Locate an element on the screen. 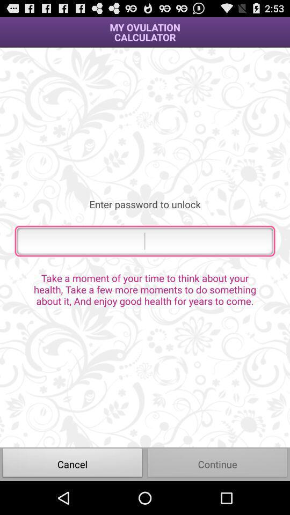 The width and height of the screenshot is (290, 515). the continue is located at coordinates (218, 464).